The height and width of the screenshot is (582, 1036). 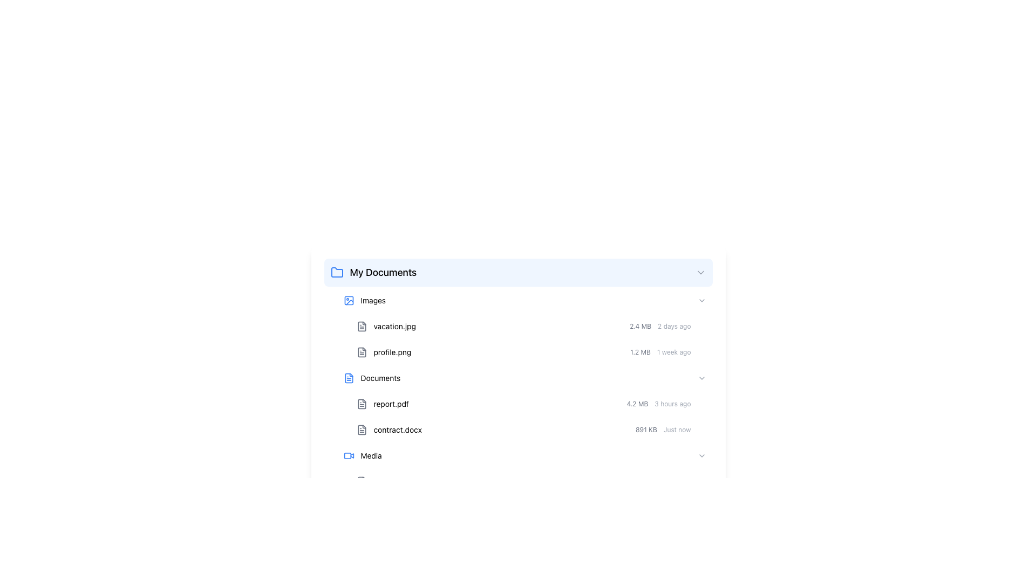 I want to click on the file icon representing 'profile.png', so click(x=362, y=352).